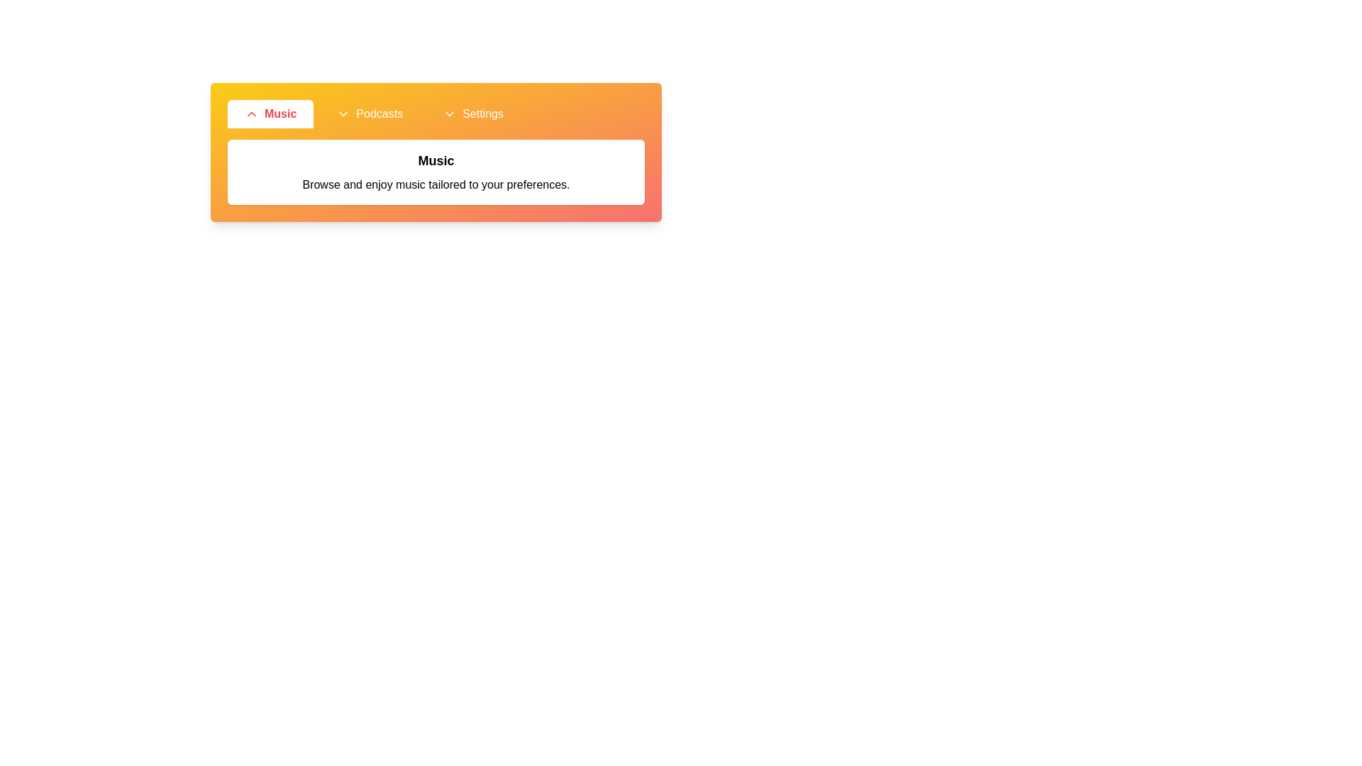  I want to click on the tab Podcasts and read its displayed content, so click(370, 113).